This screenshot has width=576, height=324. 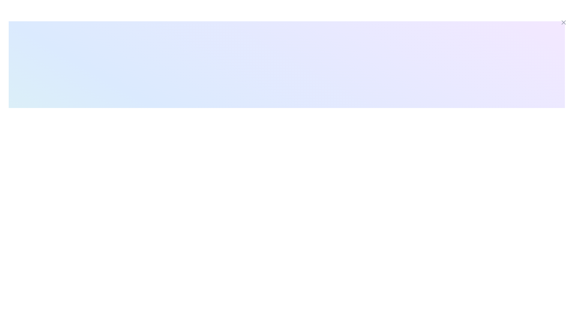 What do you see at coordinates (563, 22) in the screenshot?
I see `the close button located at the top-right corner of the dialog` at bounding box center [563, 22].